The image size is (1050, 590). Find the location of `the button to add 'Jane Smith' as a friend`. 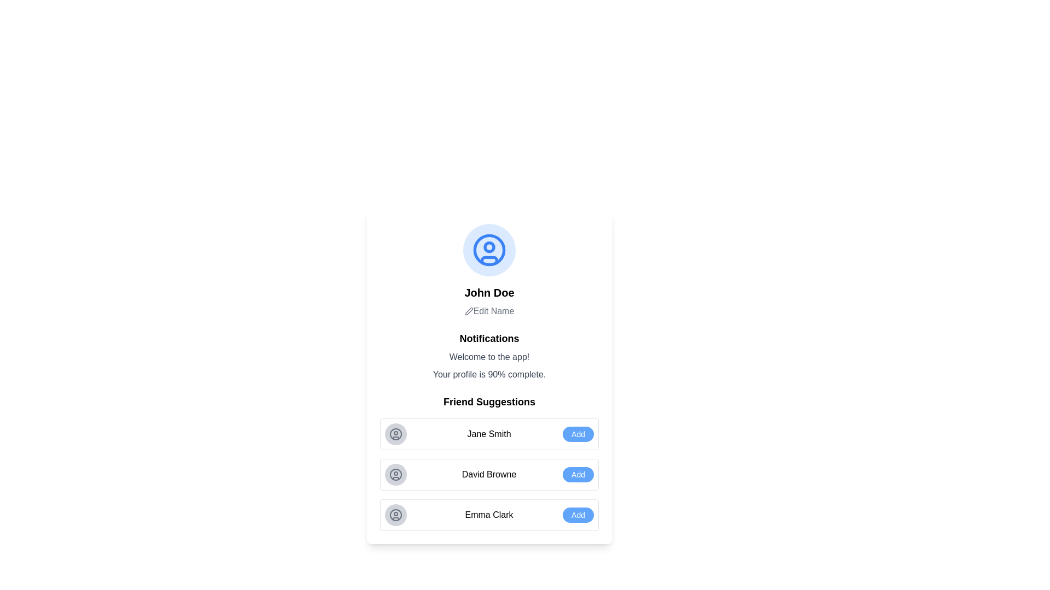

the button to add 'Jane Smith' as a friend is located at coordinates (577, 433).